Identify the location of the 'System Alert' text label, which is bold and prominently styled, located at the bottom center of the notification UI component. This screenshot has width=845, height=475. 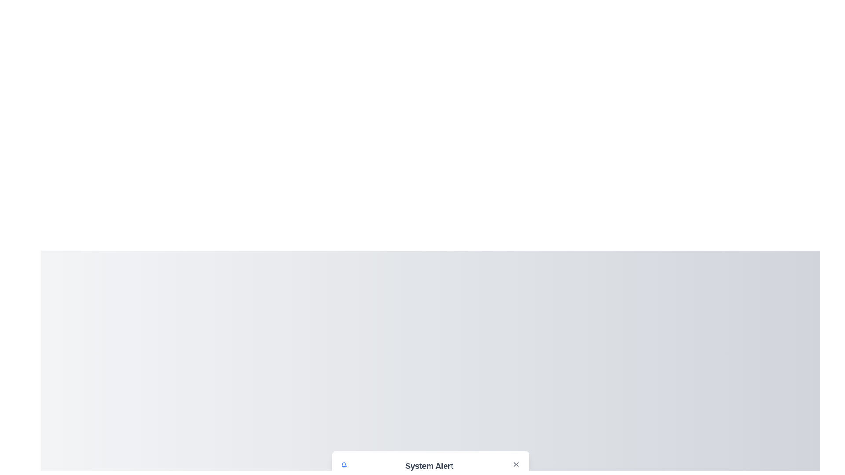
(429, 466).